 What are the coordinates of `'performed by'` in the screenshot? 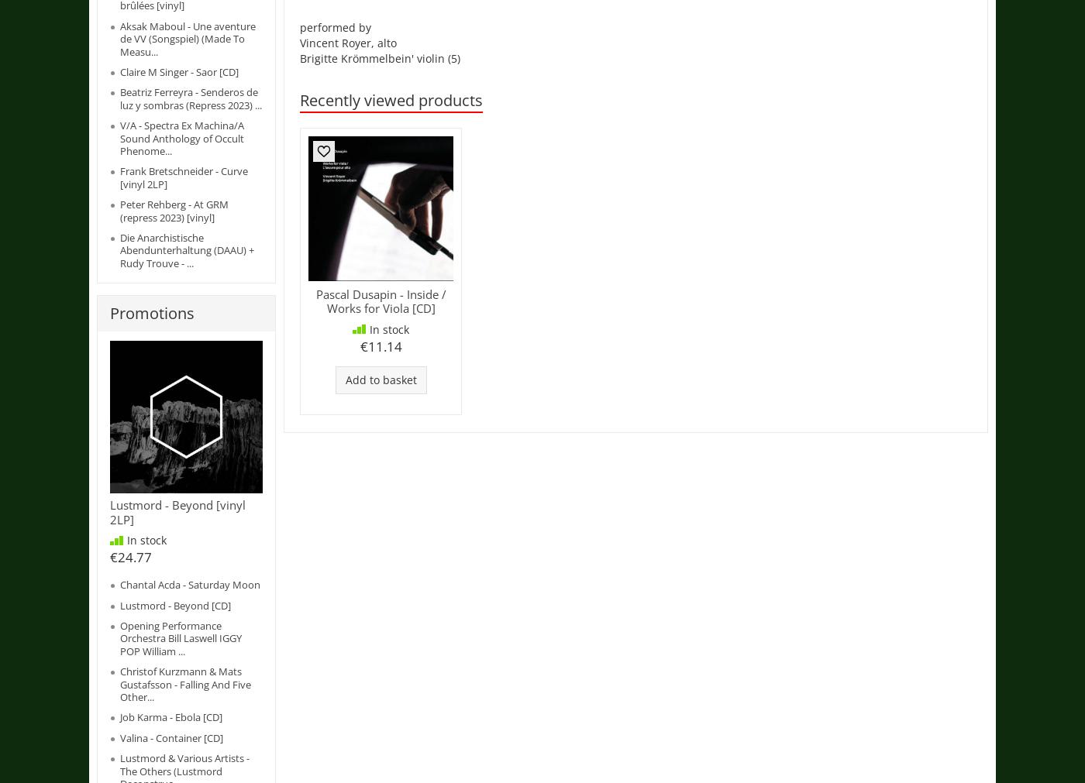 It's located at (298, 26).